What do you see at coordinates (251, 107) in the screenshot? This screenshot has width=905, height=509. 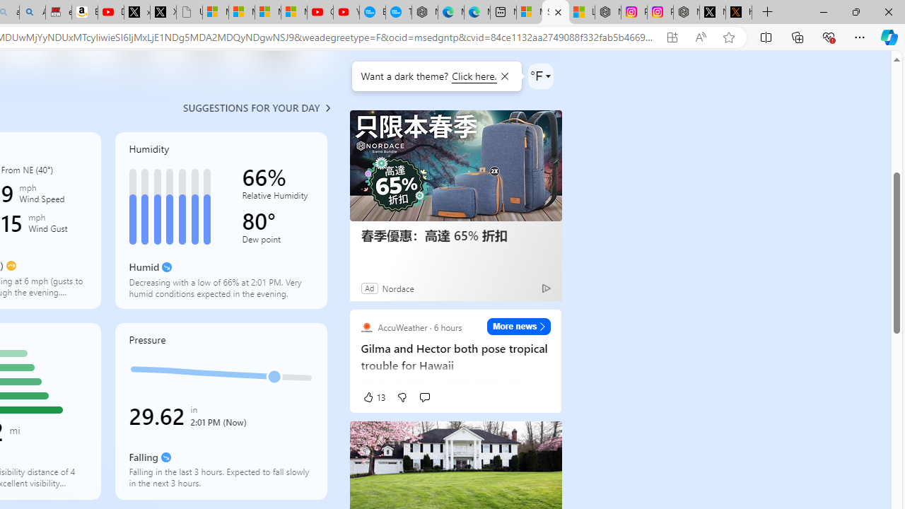 I see `'Suggestions for your day'` at bounding box center [251, 107].